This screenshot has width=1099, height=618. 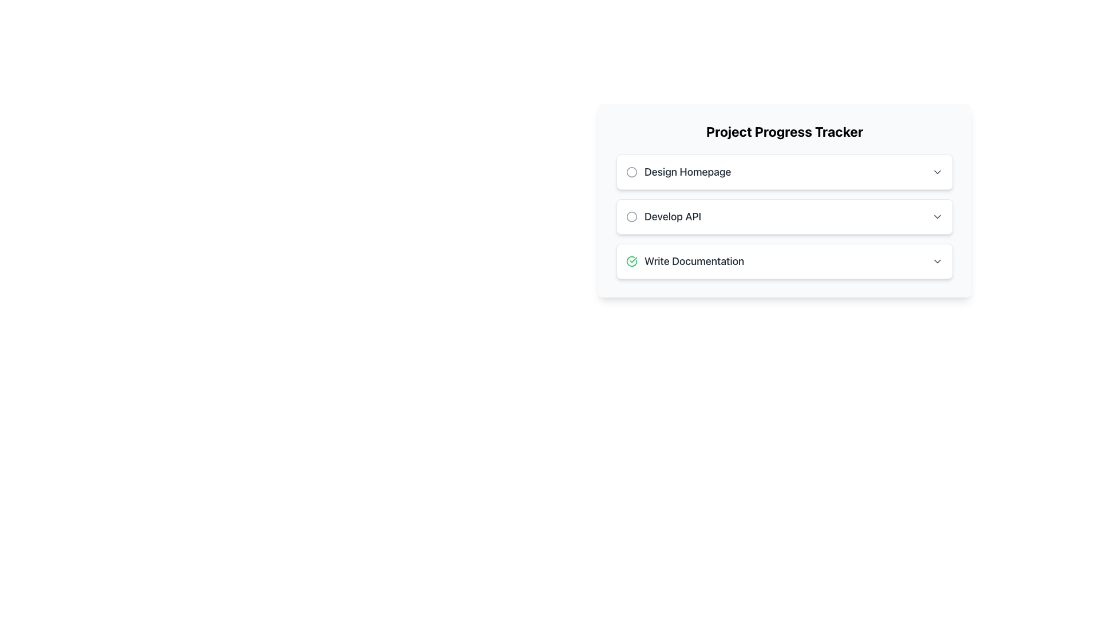 I want to click on the text label indicating the completed task 'Write Documentation' in the Project Progress Tracker list, so click(x=694, y=261).